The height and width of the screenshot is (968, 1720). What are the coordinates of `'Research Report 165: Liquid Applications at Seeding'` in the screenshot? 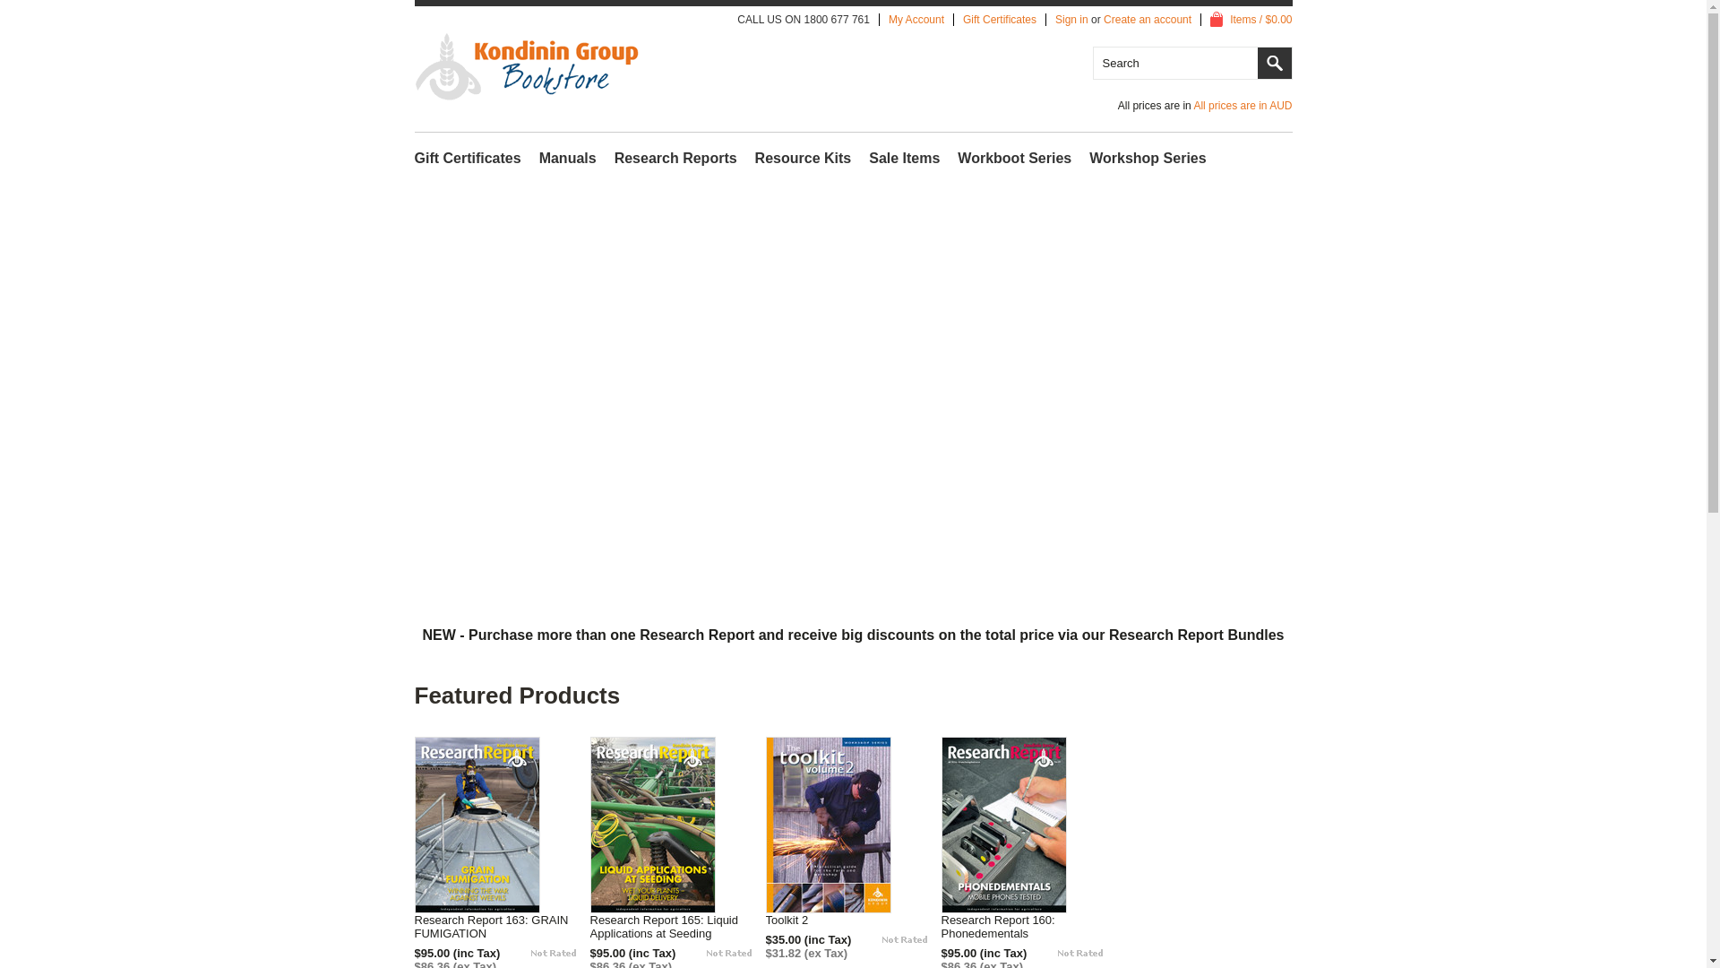 It's located at (676, 926).